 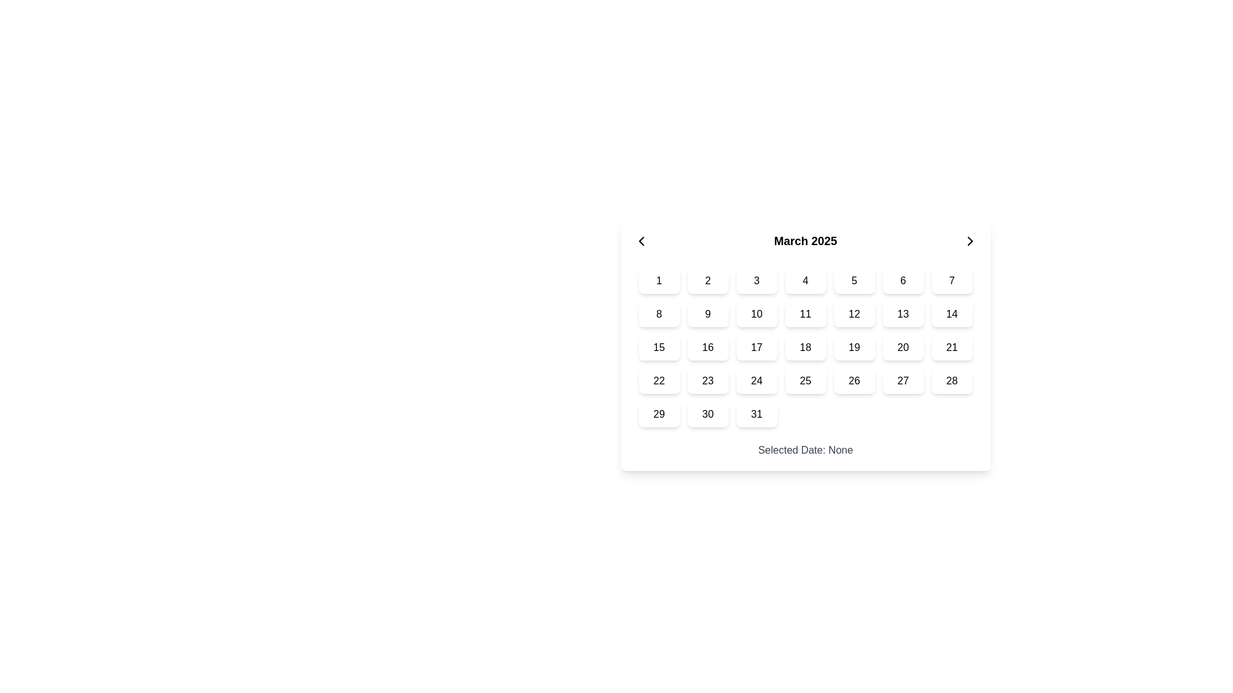 I want to click on the button representing the date '31' in the bottom-right corner of the calendar, so click(x=756, y=414).